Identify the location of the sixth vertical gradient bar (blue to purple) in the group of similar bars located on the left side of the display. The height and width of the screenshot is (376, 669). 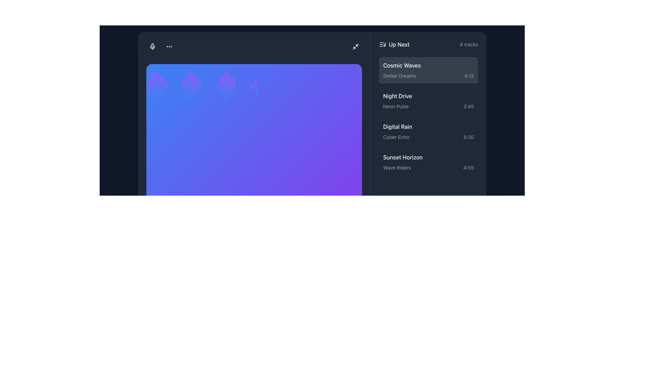
(161, 85).